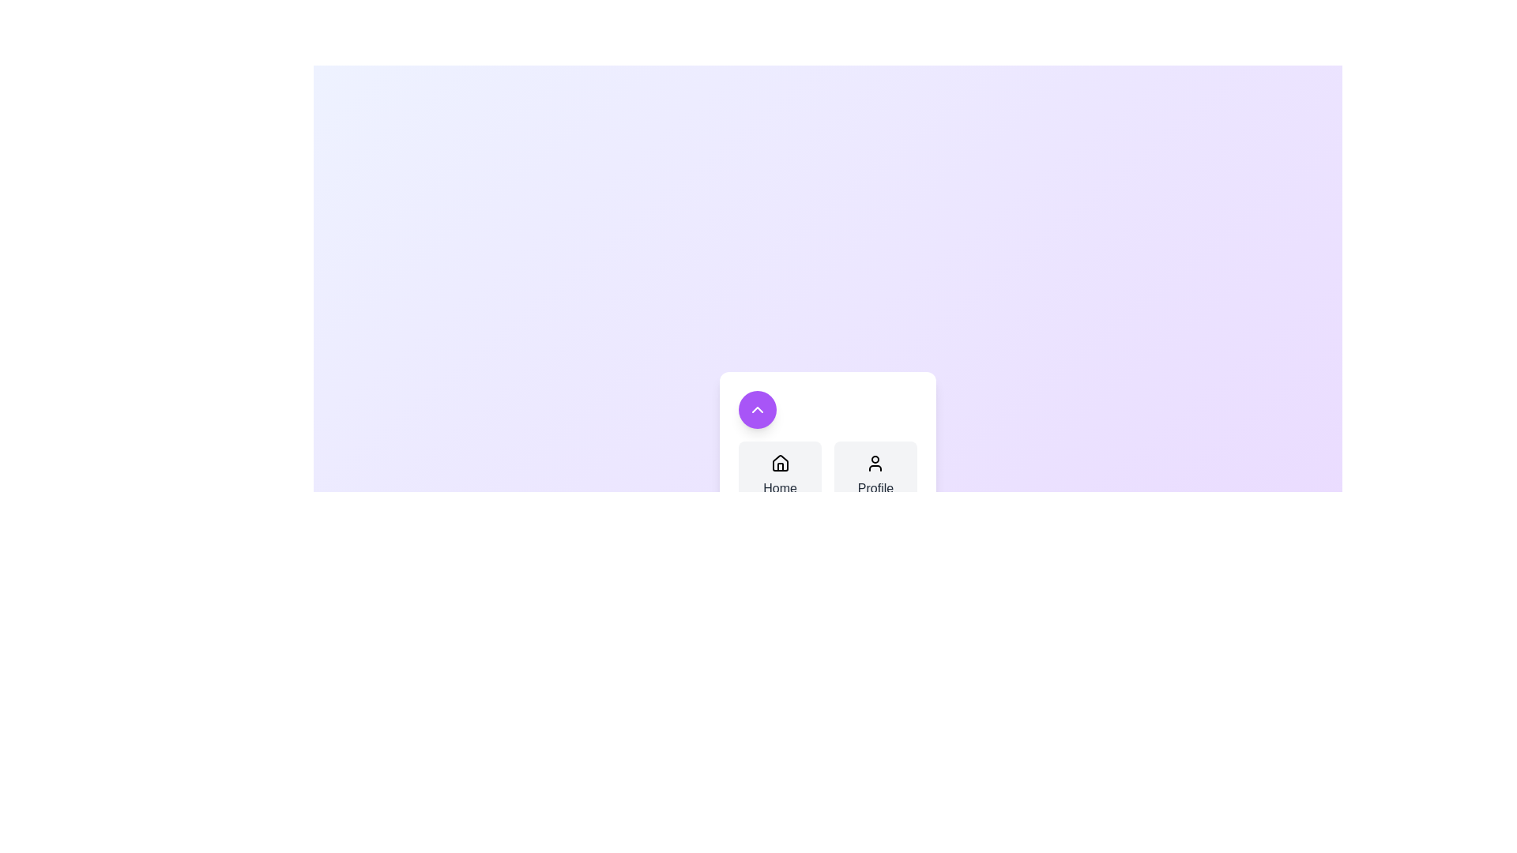  Describe the element at coordinates (780, 475) in the screenshot. I see `the button labeled Home to observe its hover effect` at that location.